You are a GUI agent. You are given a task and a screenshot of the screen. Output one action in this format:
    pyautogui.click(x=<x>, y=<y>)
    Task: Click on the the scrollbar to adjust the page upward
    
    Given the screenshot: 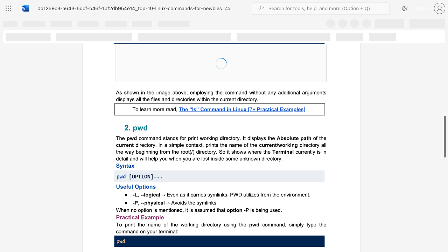 What is the action you would take?
    pyautogui.click(x=444, y=45)
    